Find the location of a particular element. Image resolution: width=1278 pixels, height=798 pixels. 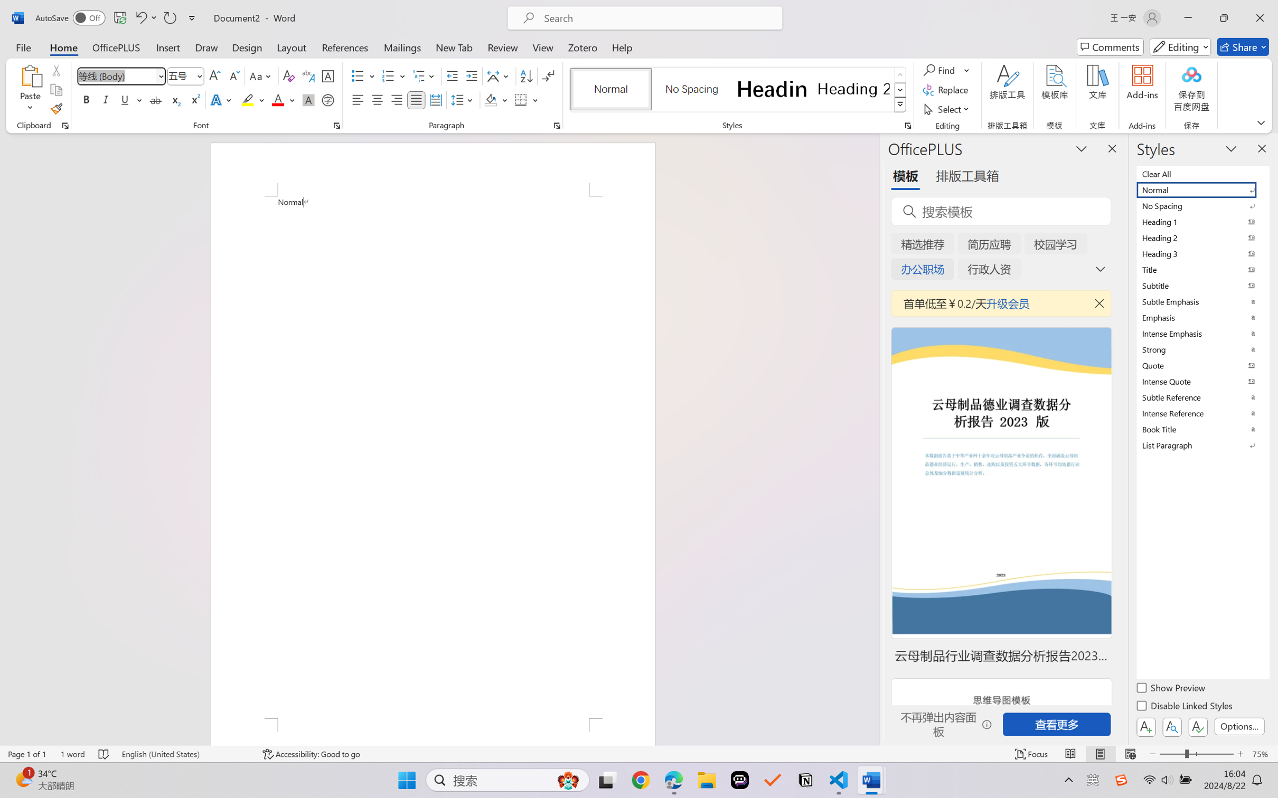

'Clear All' is located at coordinates (1201, 173).